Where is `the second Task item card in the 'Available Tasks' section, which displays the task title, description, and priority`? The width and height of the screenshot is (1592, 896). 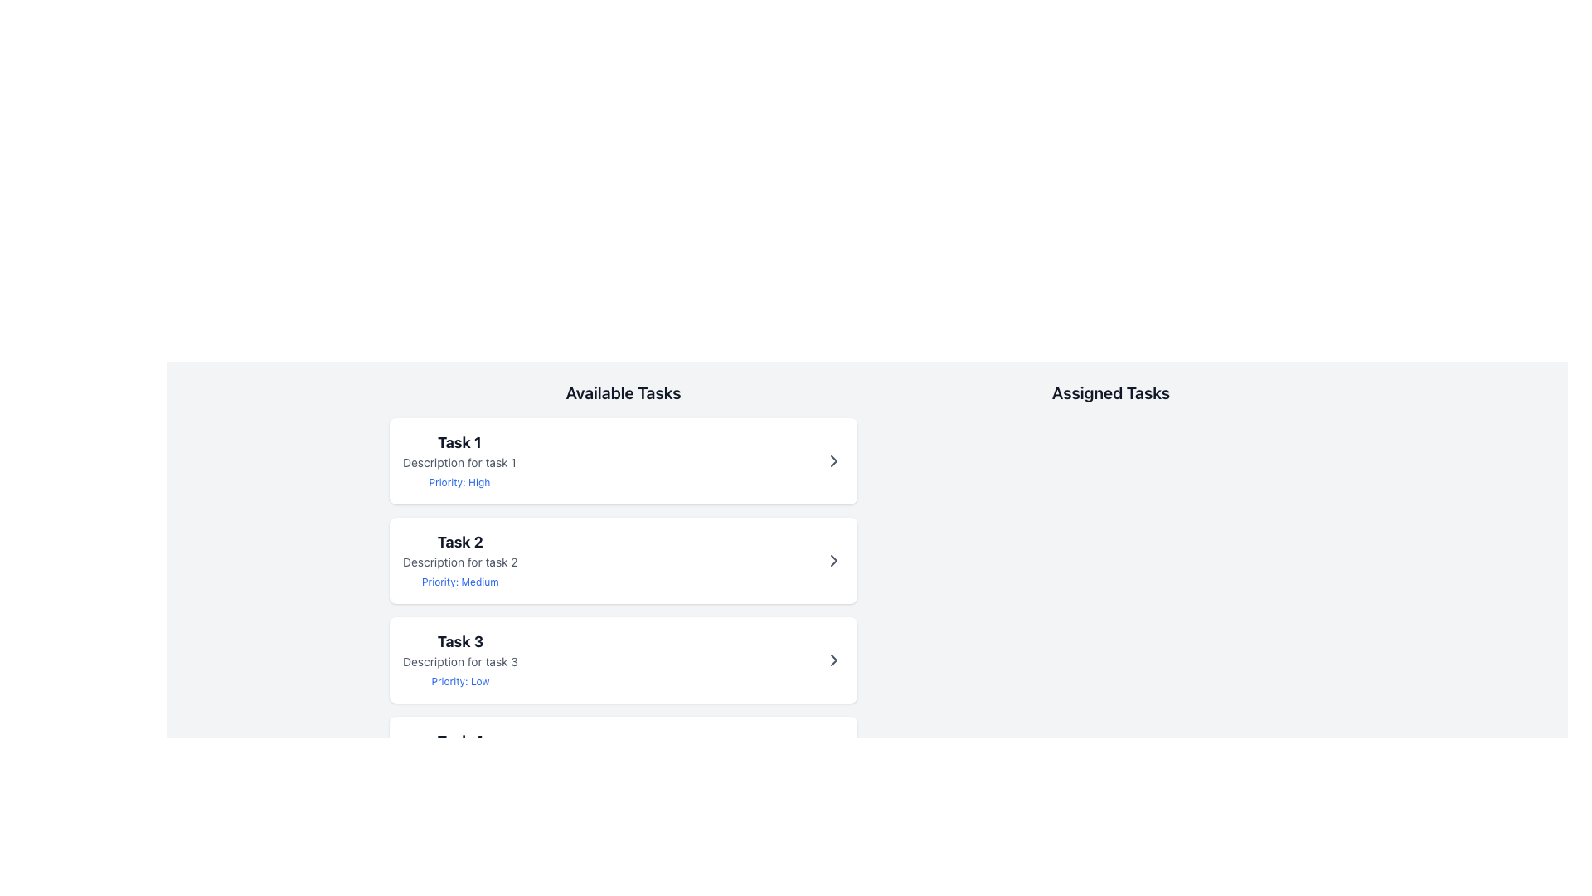 the second Task item card in the 'Available Tasks' section, which displays the task title, description, and priority is located at coordinates (623, 560).